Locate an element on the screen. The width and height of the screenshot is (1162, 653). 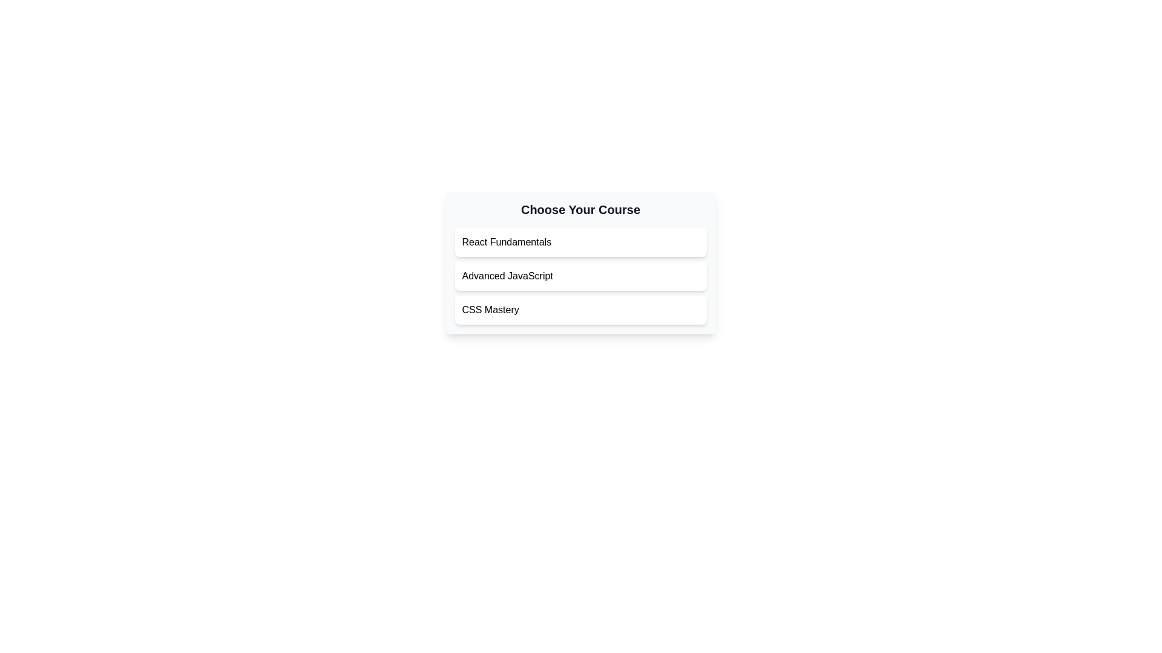
the interactive radio option labeled 'CSS Mastery' is located at coordinates (580, 310).